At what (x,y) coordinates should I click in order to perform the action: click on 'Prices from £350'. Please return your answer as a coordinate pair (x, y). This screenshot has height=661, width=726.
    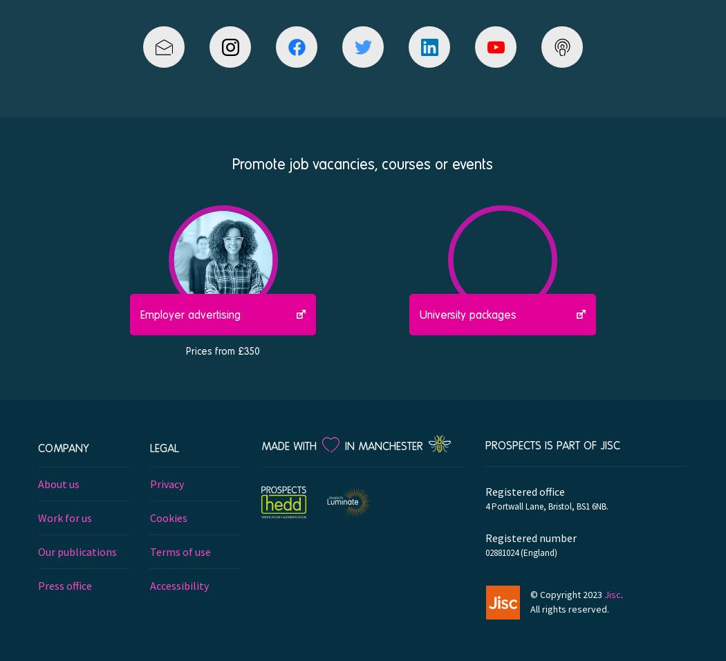
    Looking at the image, I should click on (223, 349).